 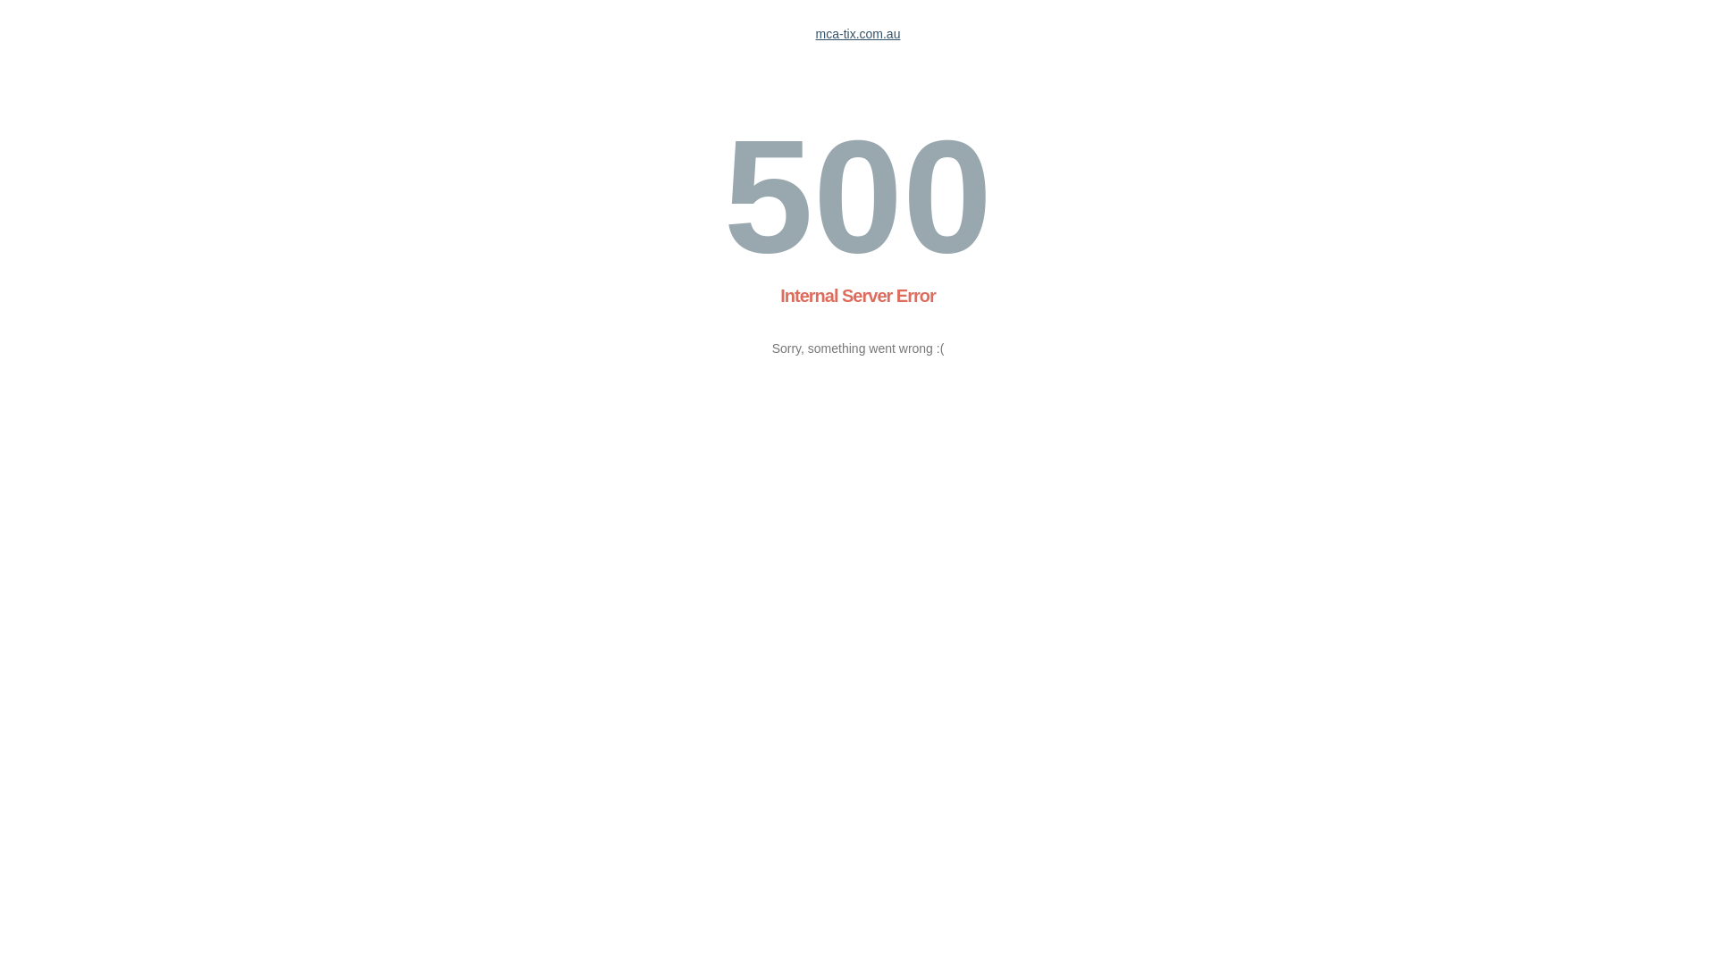 I want to click on 'mca-tix.com.au', so click(x=858, y=34).